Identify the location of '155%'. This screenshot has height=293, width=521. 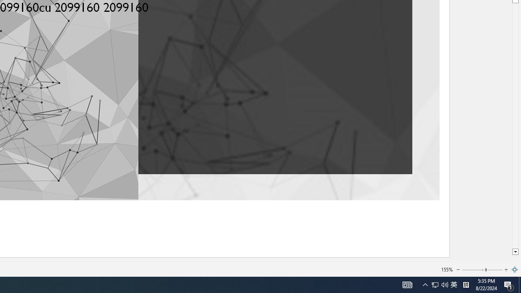
(447, 269).